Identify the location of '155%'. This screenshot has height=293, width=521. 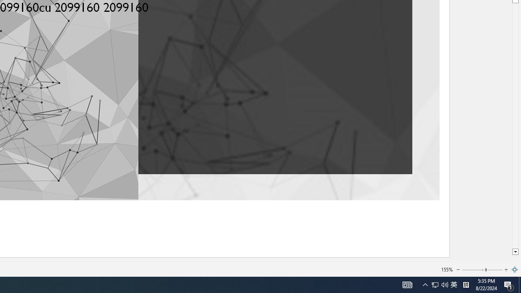
(447, 269).